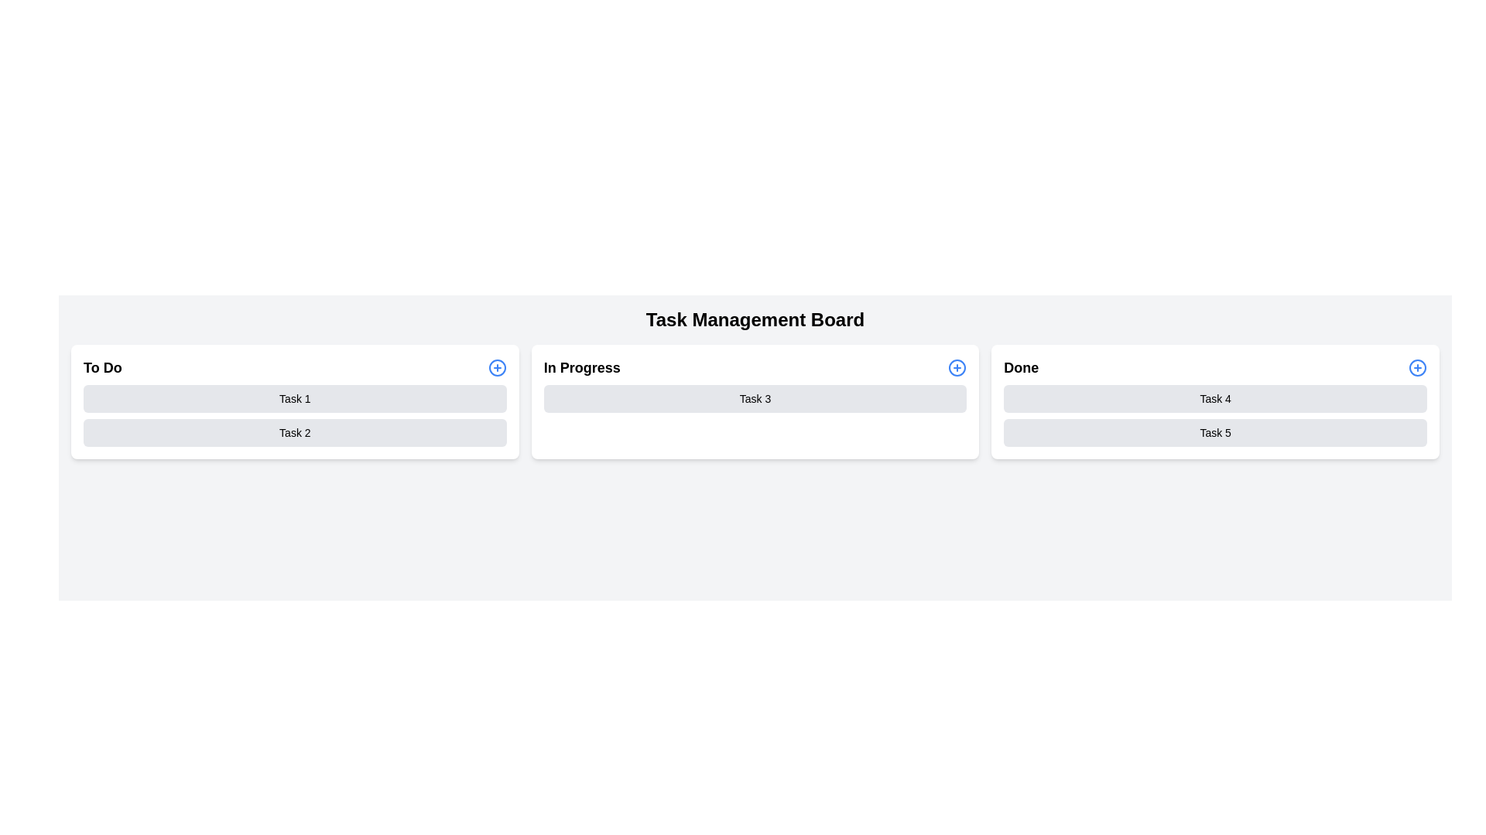  Describe the element at coordinates (497, 367) in the screenshot. I see `the button located to the right of the 'To Do' column header` at that location.